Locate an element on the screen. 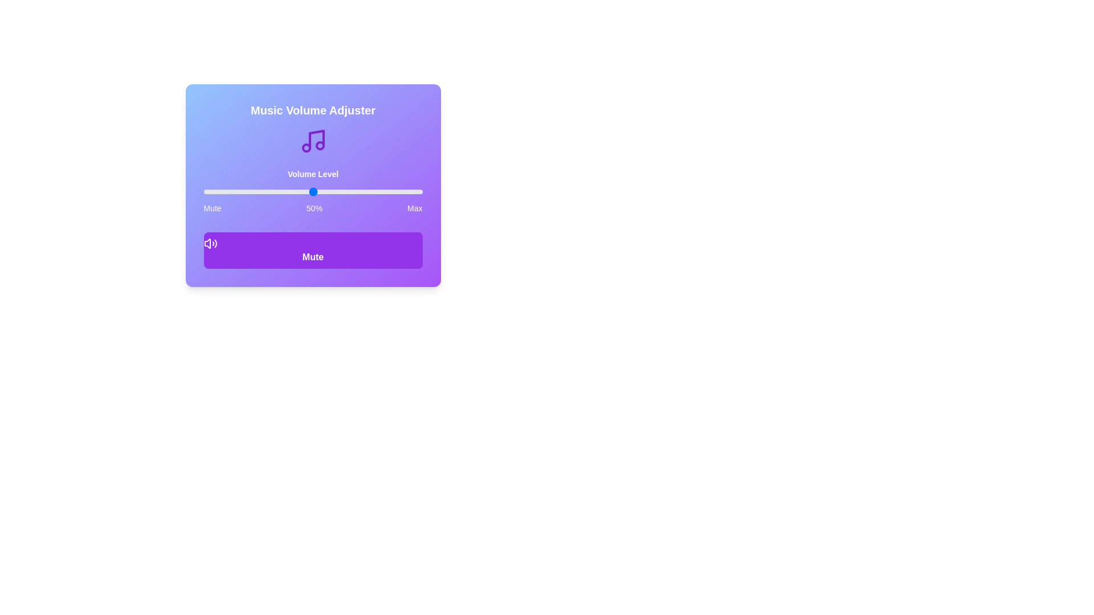 The height and width of the screenshot is (615, 1094). the volume slider to set the volume to 9% is located at coordinates (223, 191).